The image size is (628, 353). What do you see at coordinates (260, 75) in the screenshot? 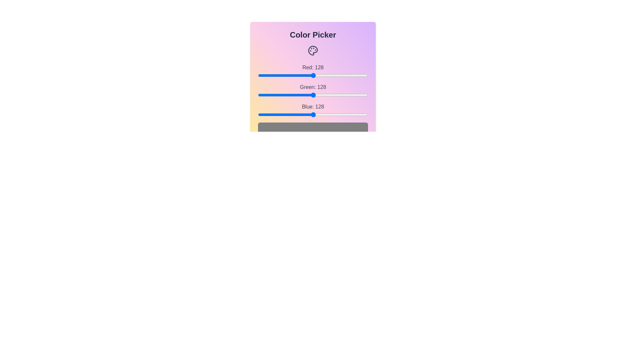
I see `the red slider to set the red channel to 5` at bounding box center [260, 75].